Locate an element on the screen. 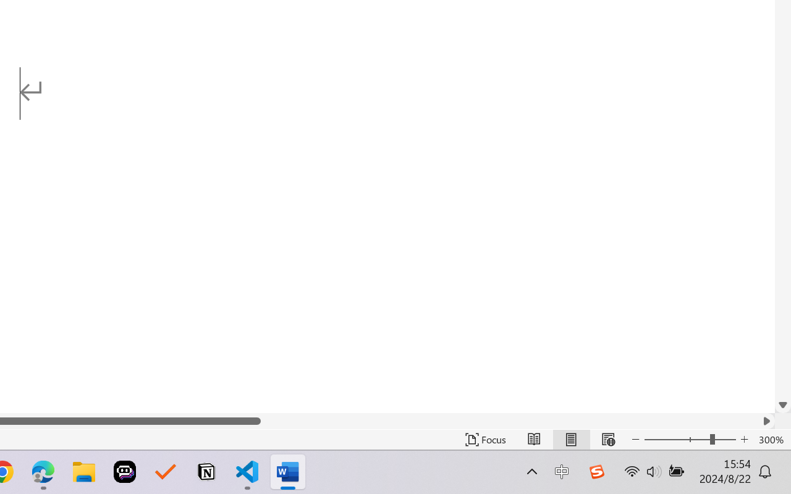  'Column right' is located at coordinates (766, 421).